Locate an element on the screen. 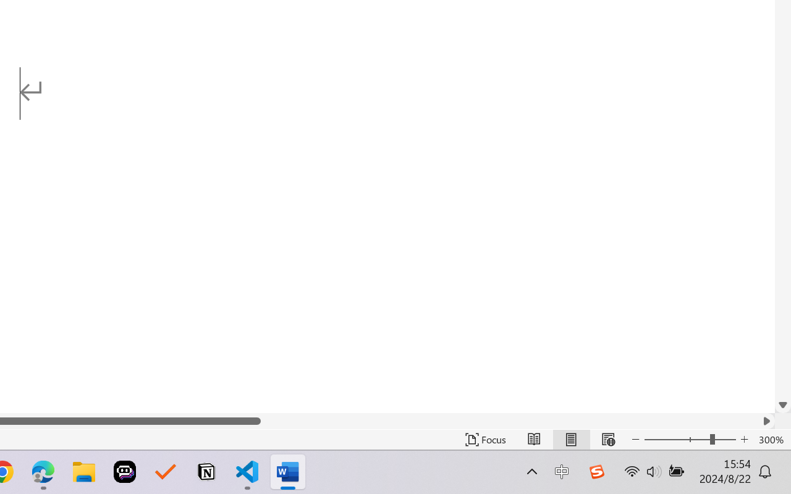  'Column right' is located at coordinates (766, 421).